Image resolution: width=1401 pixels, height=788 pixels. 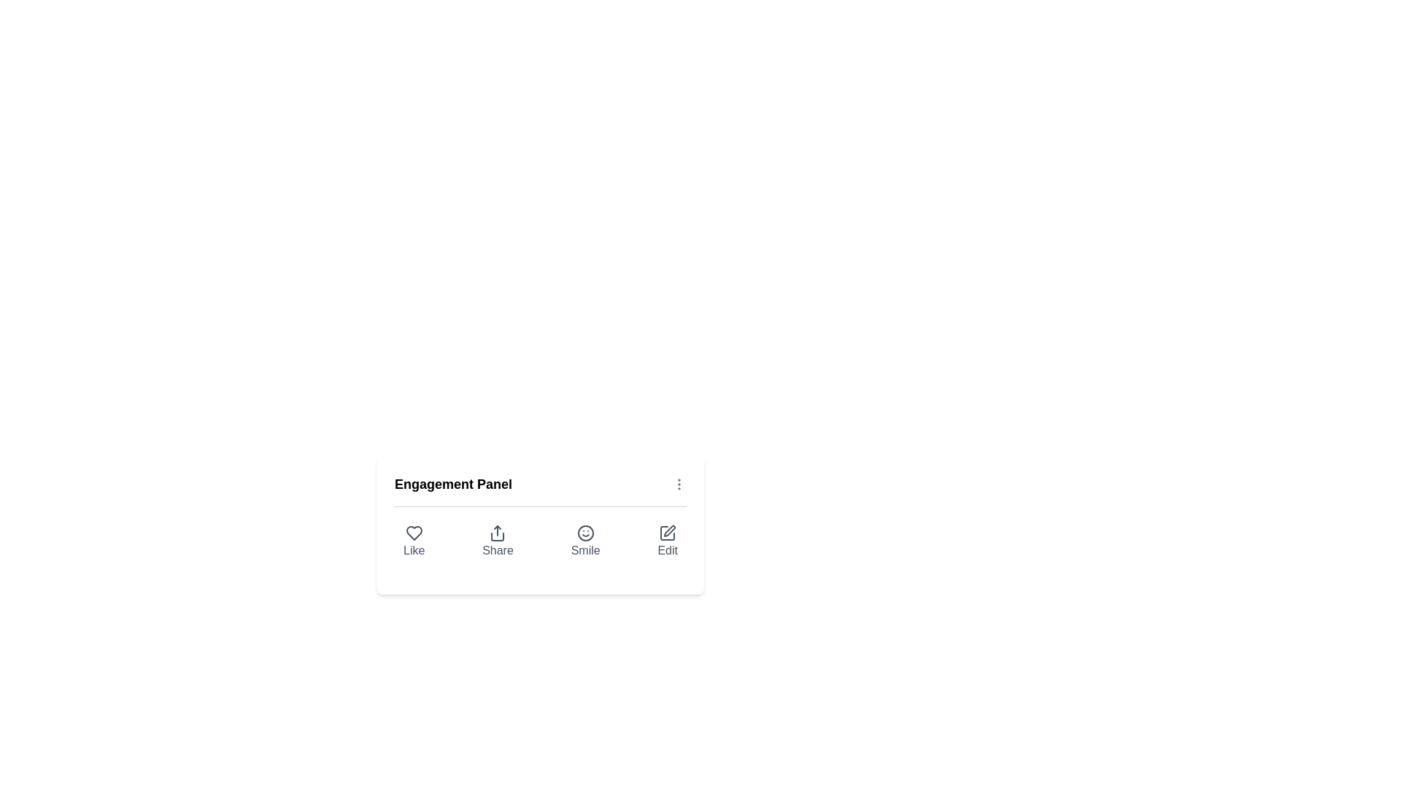 What do you see at coordinates (669, 531) in the screenshot?
I see `the Edit icon, which is represented by a pen on a square, located in the bottom-right toolbar of the Engagement Panel card` at bounding box center [669, 531].